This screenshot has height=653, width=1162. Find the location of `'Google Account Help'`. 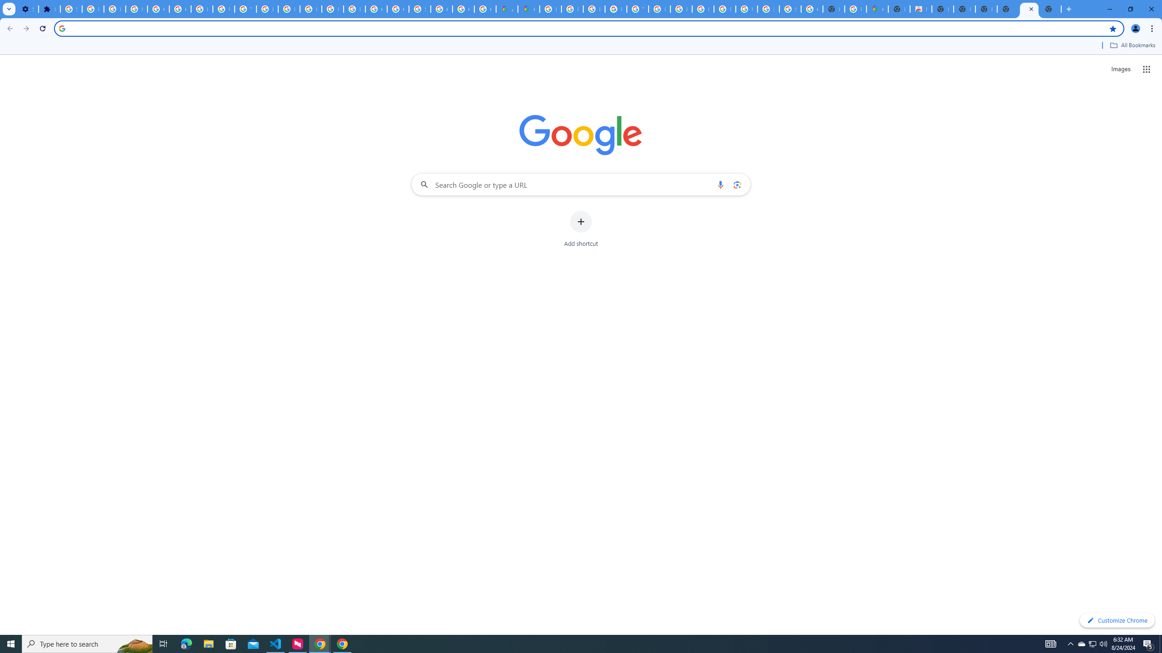

'Google Account Help' is located at coordinates (179, 9).